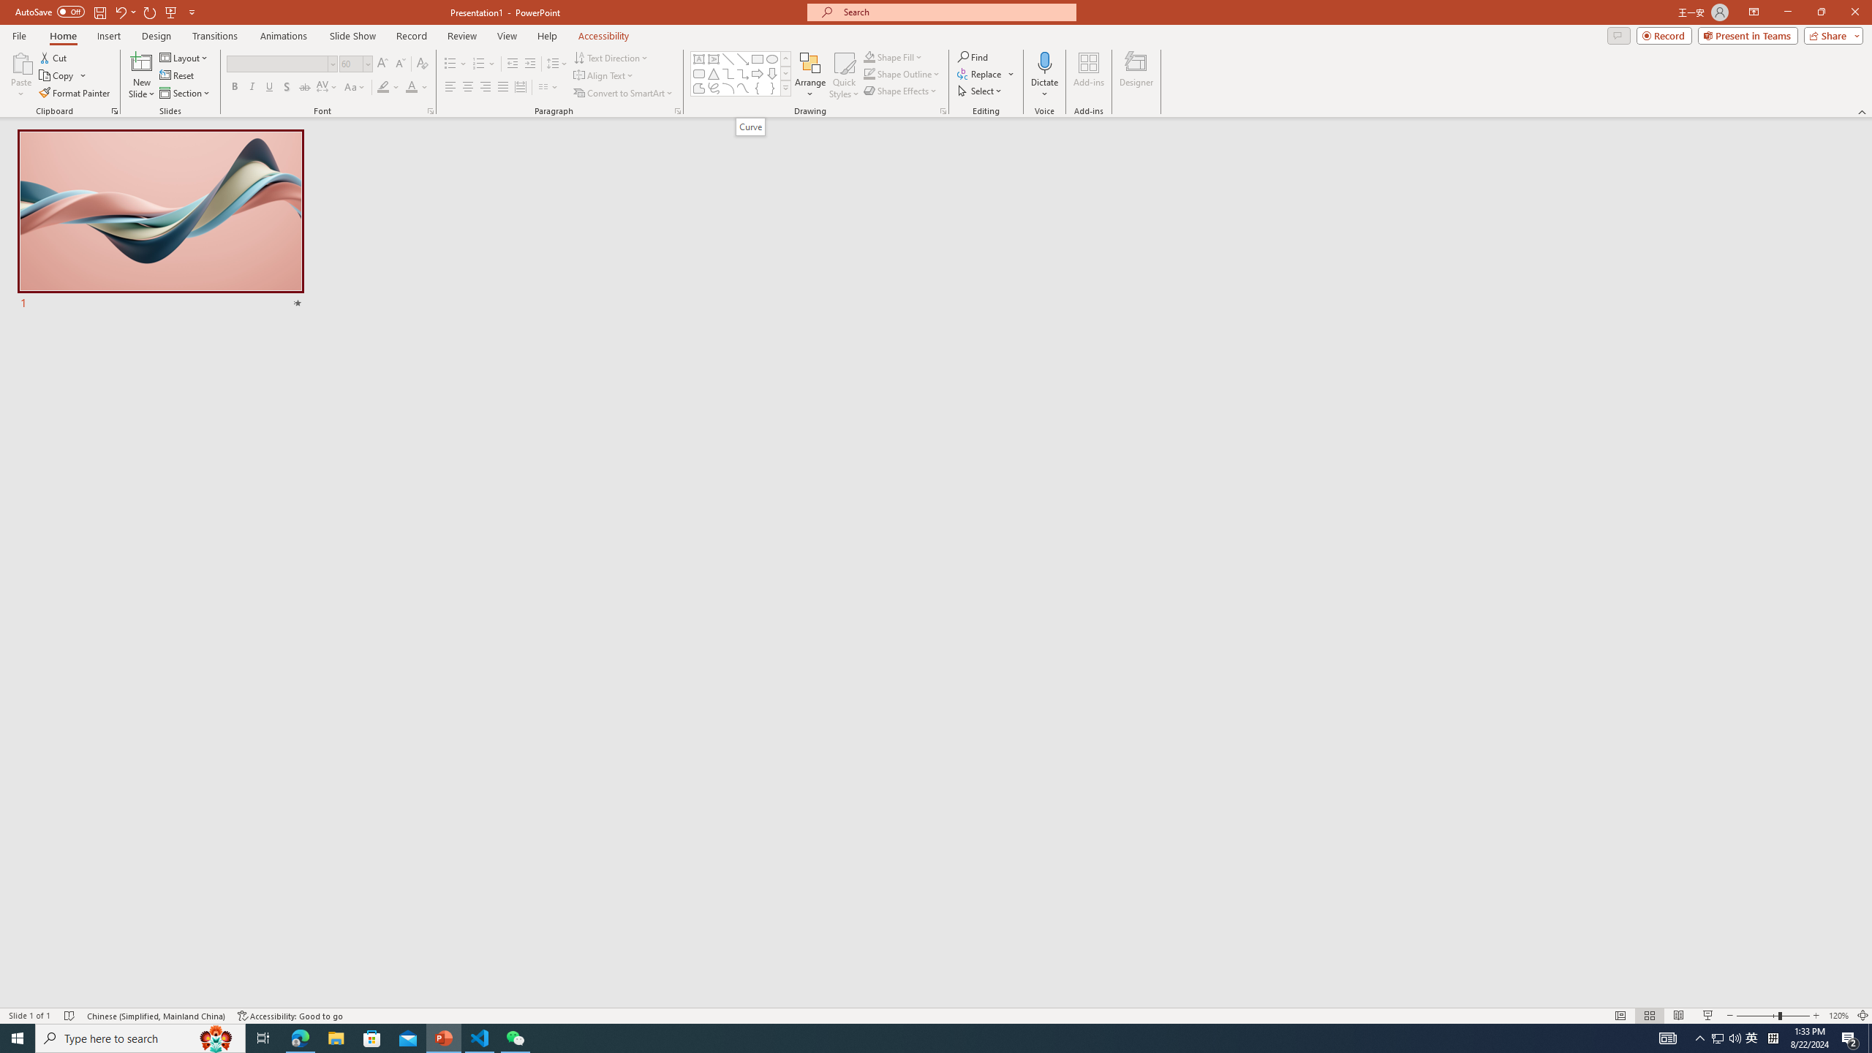  What do you see at coordinates (1839, 1016) in the screenshot?
I see `'Zoom 120%'` at bounding box center [1839, 1016].